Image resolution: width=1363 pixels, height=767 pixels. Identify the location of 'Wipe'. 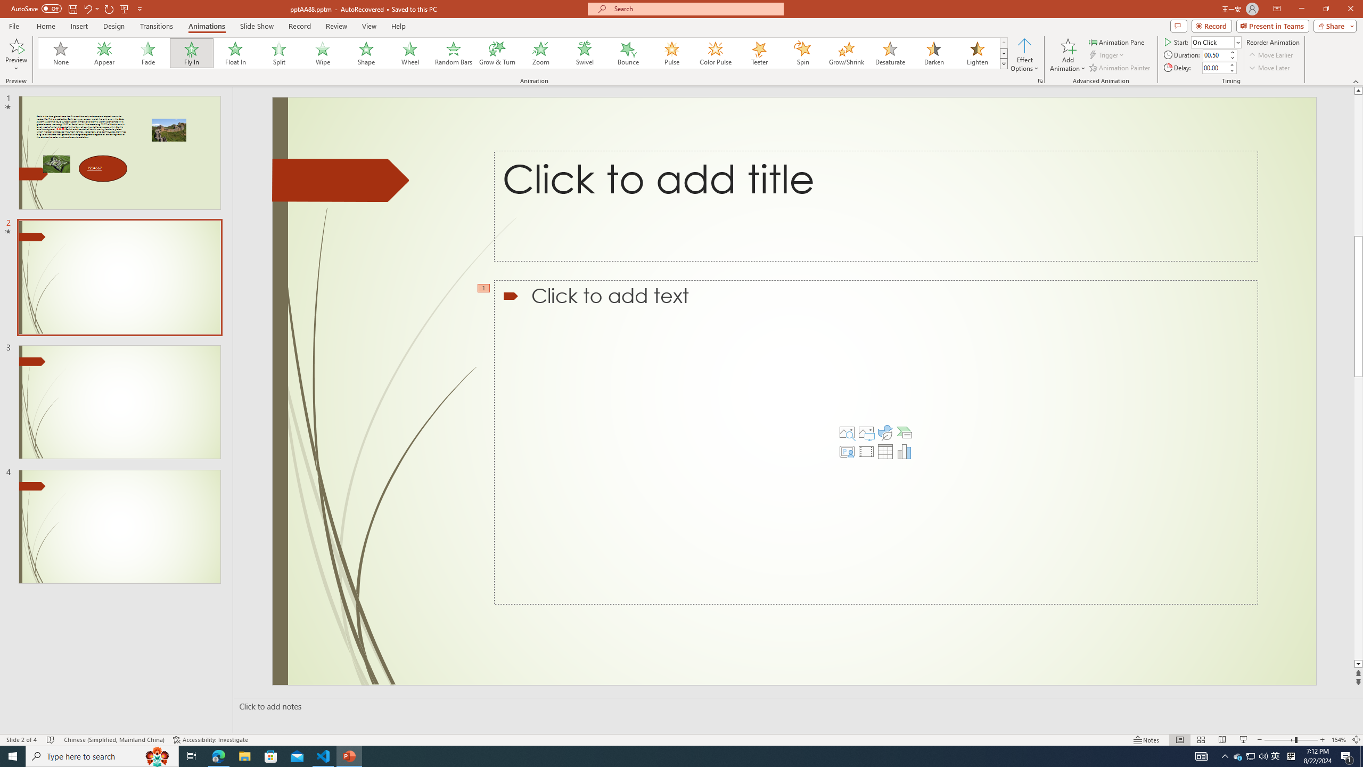
(323, 53).